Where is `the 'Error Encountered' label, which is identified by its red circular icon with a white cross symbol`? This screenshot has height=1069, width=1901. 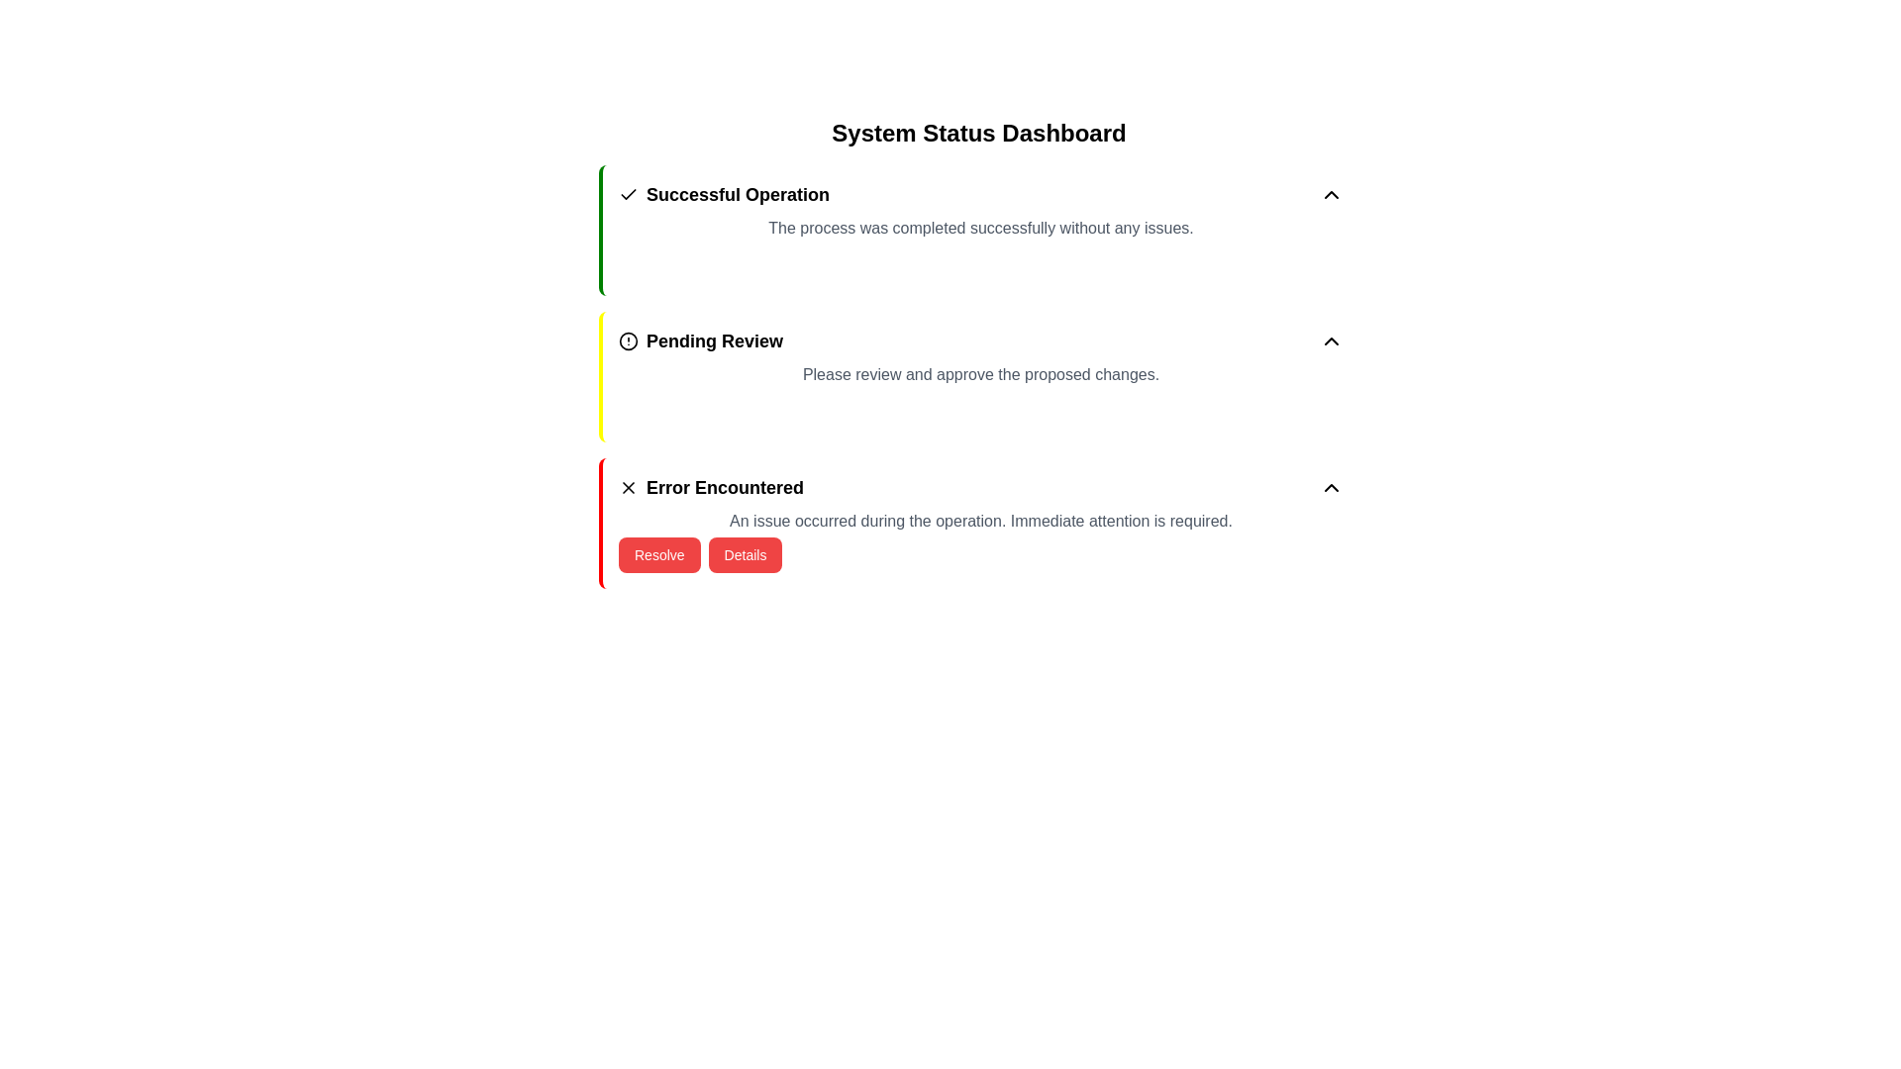
the 'Error Encountered' label, which is identified by its red circular icon with a white cross symbol is located at coordinates (711, 488).